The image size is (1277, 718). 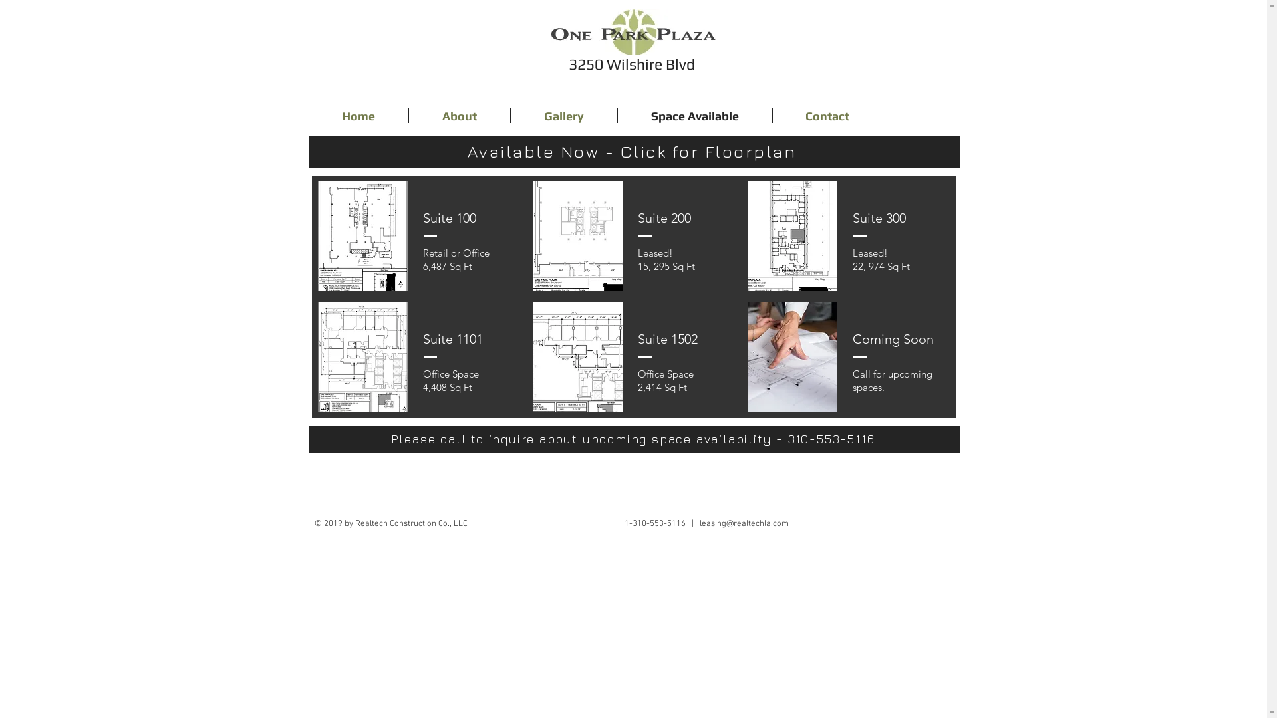 I want to click on 'Space Available', so click(x=616, y=114).